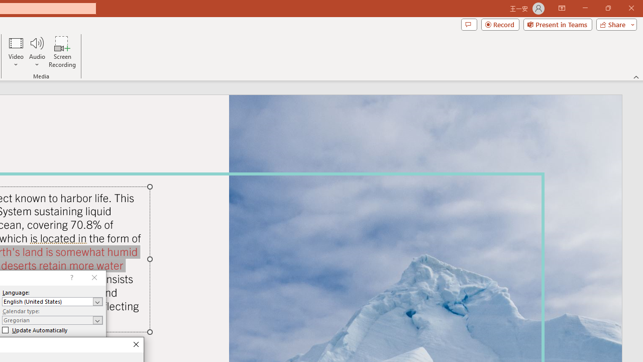 The width and height of the screenshot is (643, 362). I want to click on 'Restore Down', so click(607, 8).